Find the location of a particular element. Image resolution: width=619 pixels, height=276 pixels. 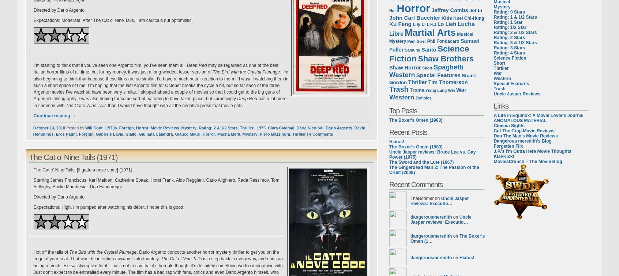

'1975' is located at coordinates (260, 128).